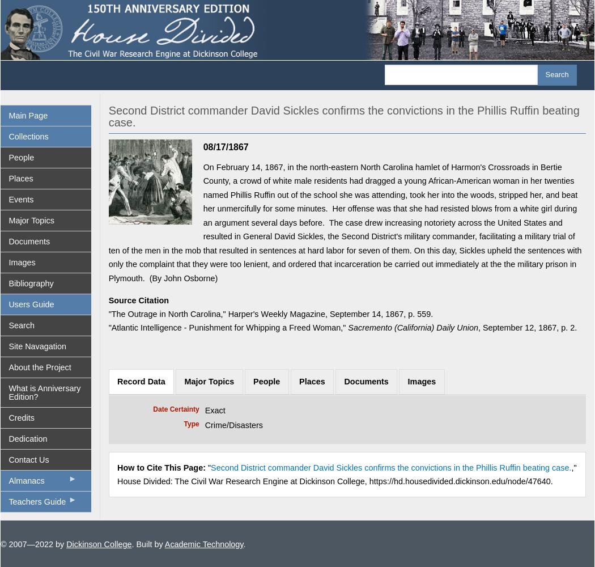  Describe the element at coordinates (266, 381) in the screenshot. I see `'People'` at that location.